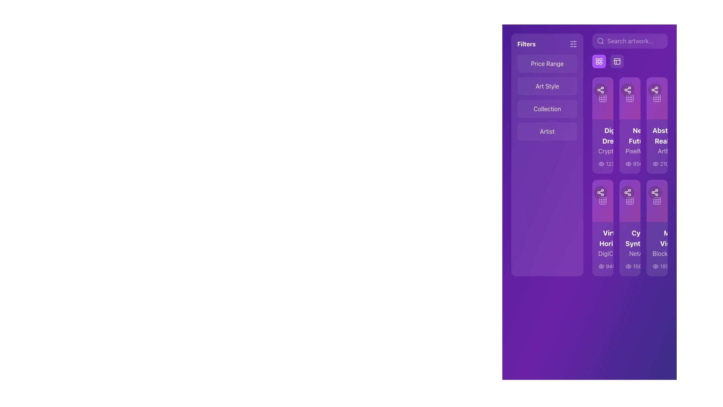 This screenshot has height=407, width=723. What do you see at coordinates (617, 61) in the screenshot?
I see `the square icon button with a white outline on a purple background, located in the first row of a button group near the top-right corner of the interface` at bounding box center [617, 61].